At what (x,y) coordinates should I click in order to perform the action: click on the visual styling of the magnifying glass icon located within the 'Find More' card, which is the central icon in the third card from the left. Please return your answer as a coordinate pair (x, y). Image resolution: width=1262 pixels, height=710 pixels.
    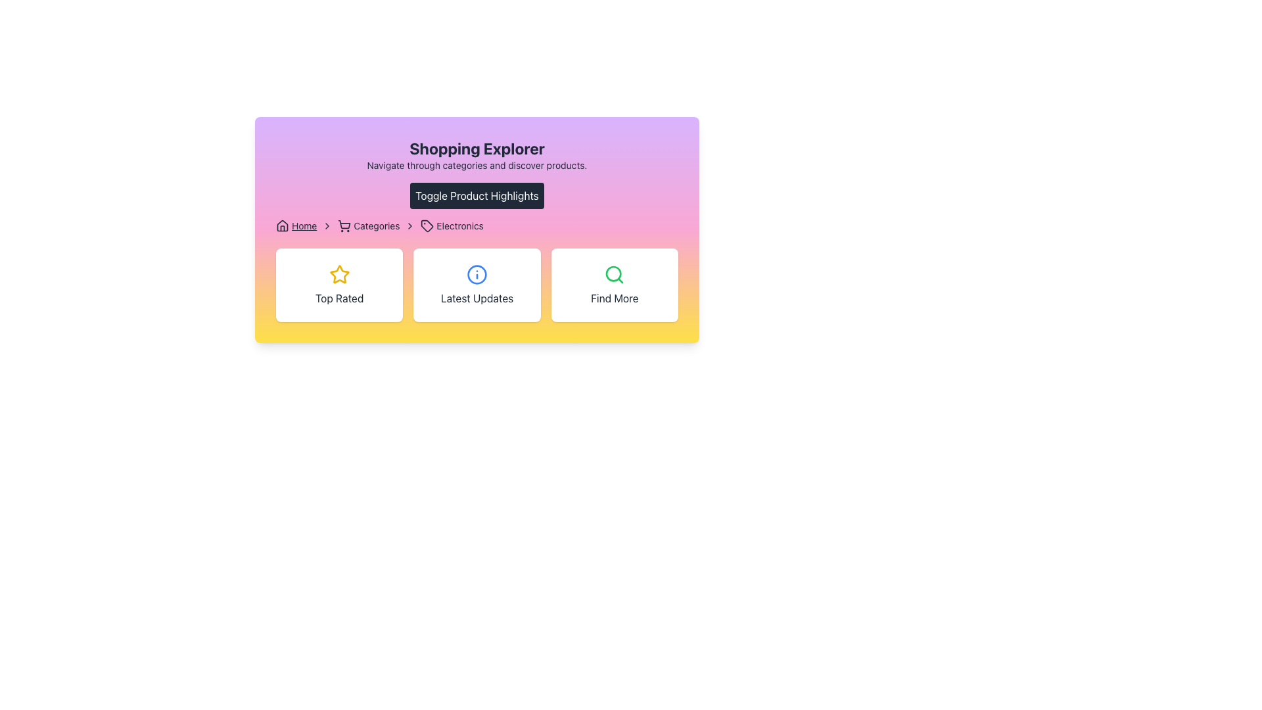
    Looking at the image, I should click on (614, 273).